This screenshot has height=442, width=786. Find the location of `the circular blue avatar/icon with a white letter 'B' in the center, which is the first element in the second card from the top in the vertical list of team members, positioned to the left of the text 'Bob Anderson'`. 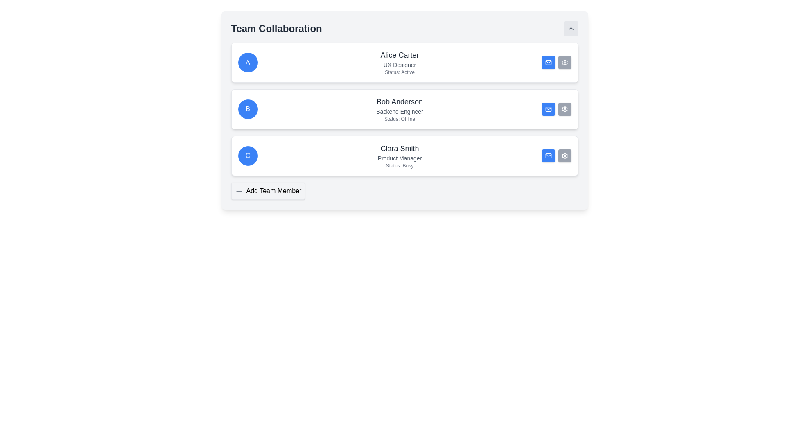

the circular blue avatar/icon with a white letter 'B' in the center, which is the first element in the second card from the top in the vertical list of team members, positioned to the left of the text 'Bob Anderson' is located at coordinates (247, 108).